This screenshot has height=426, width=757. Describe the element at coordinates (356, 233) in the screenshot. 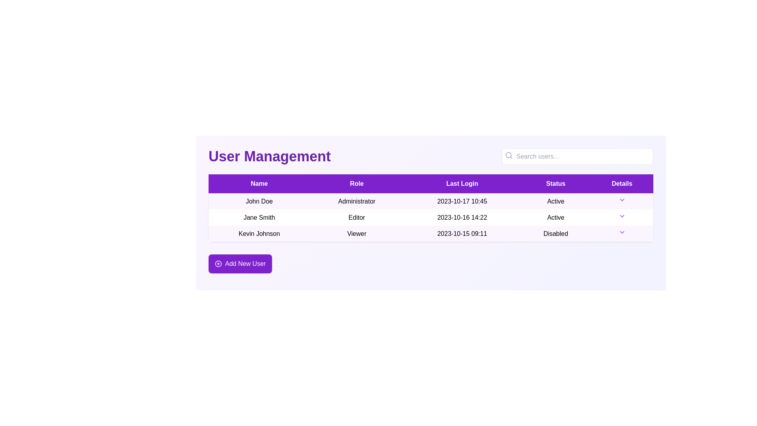

I see `the 'Viewer' text label in the second column of the third row of the table, associated with 'Kevin Johnson'` at that location.